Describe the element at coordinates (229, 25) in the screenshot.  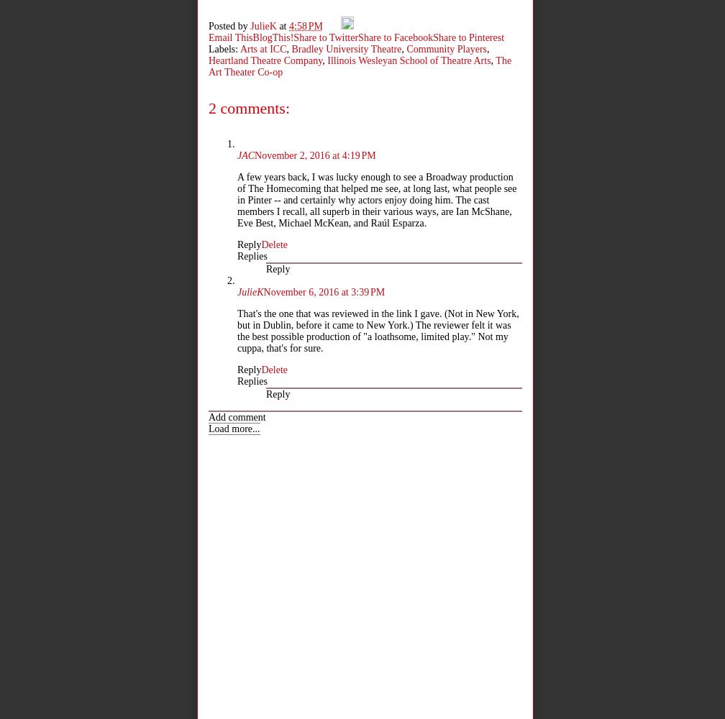
I see `'Posted by'` at that location.